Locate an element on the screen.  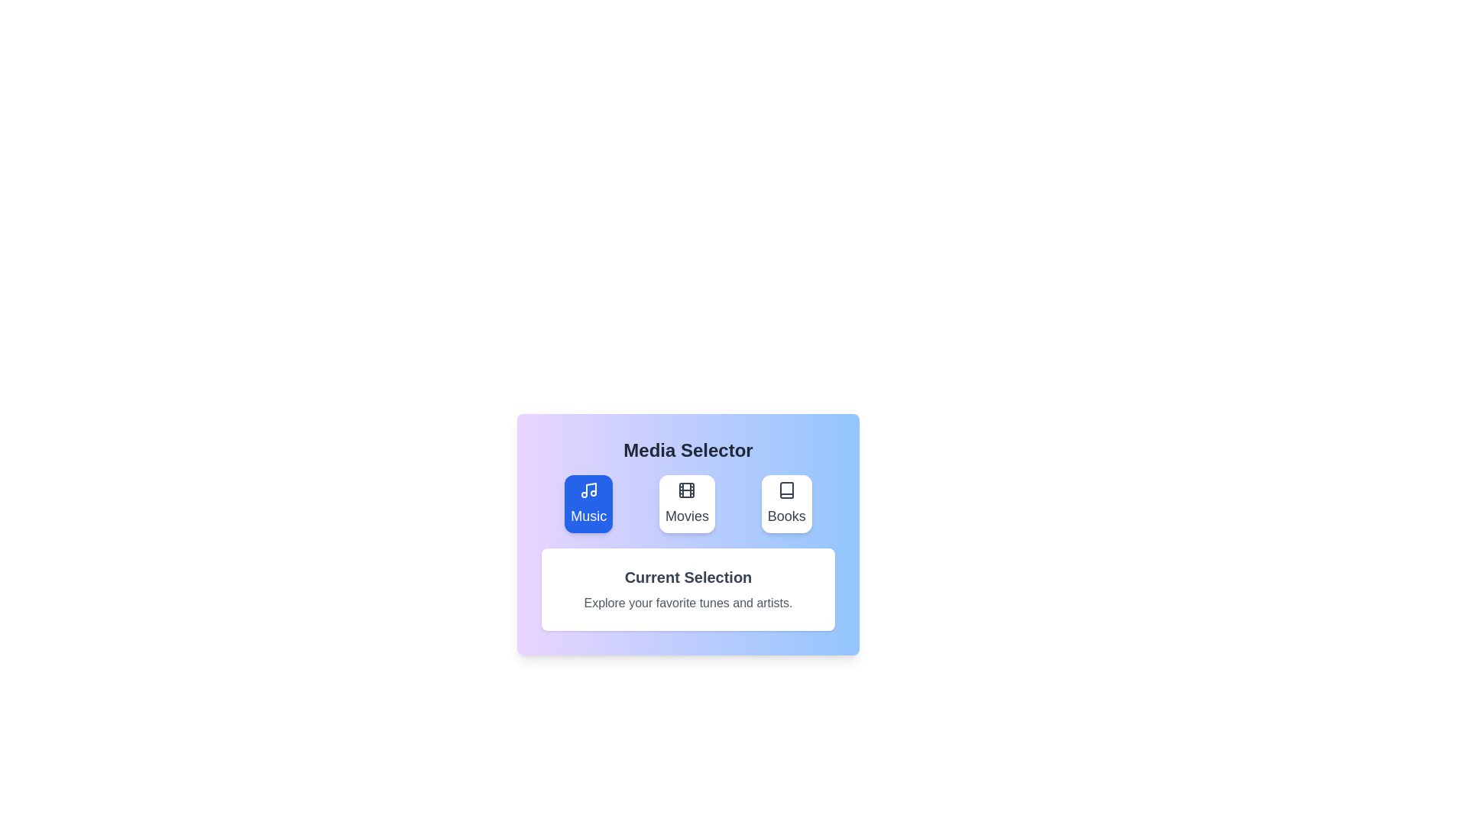
the 'Music' icon, which is the first button in the media options row, aiding in user identification and navigation is located at coordinates (588, 490).